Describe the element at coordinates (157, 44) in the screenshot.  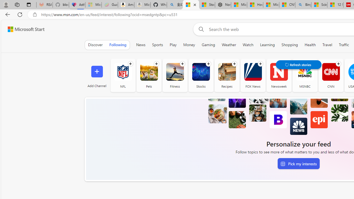
I see `'Sports'` at that location.